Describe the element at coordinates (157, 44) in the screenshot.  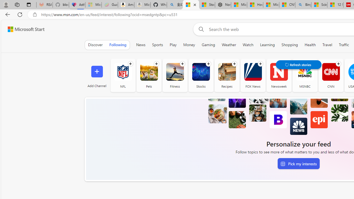
I see `'Sports'` at that location.